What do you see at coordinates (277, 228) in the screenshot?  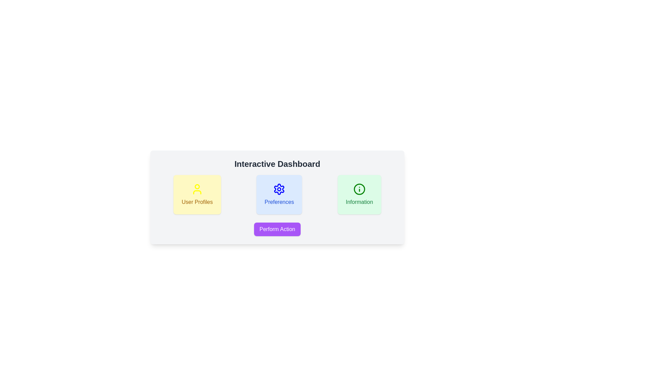 I see `the 'User Profiles', 'Preferences', or 'Information' sub-elements located beneath the 'Interactive Dashboard' header` at bounding box center [277, 228].